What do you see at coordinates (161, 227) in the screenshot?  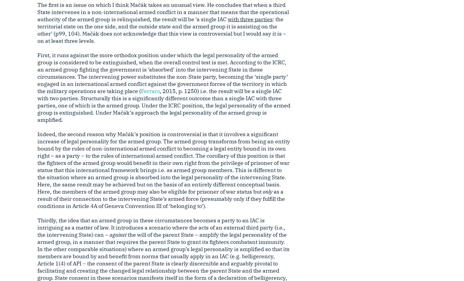 I see `'Thirdly, the idea that an armed group in these circumstances becomes a party to an IAC is intriguing as a matter of law. It introduces a scenario where the acts of an external third party (i.e., the intervening State) can –'` at bounding box center [161, 227].